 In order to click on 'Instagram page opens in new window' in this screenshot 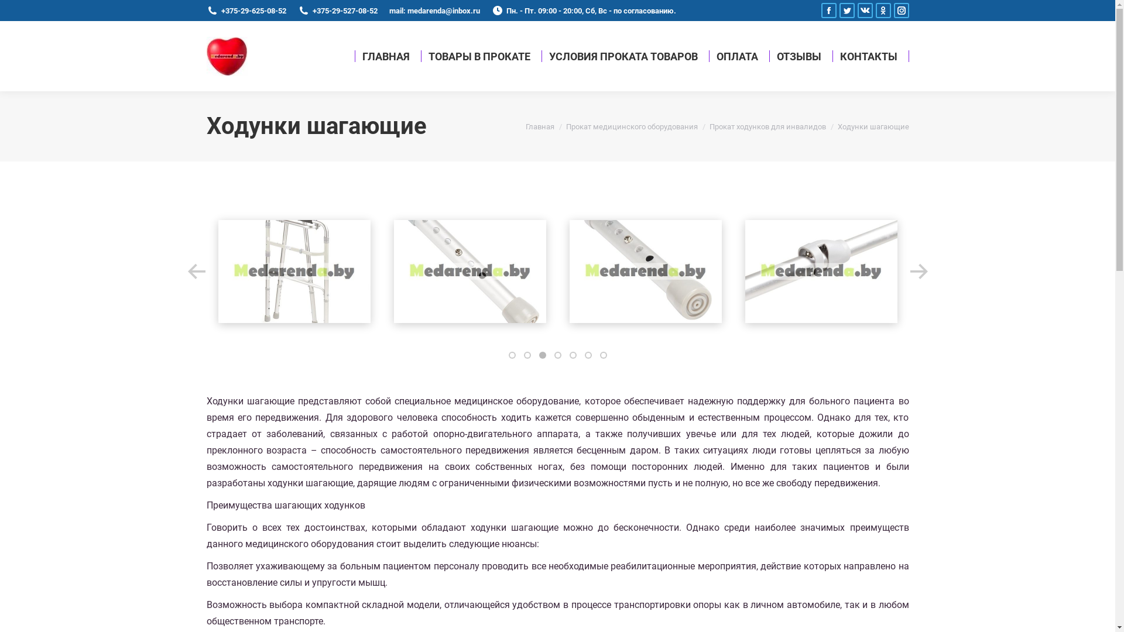, I will do `click(900, 11)`.